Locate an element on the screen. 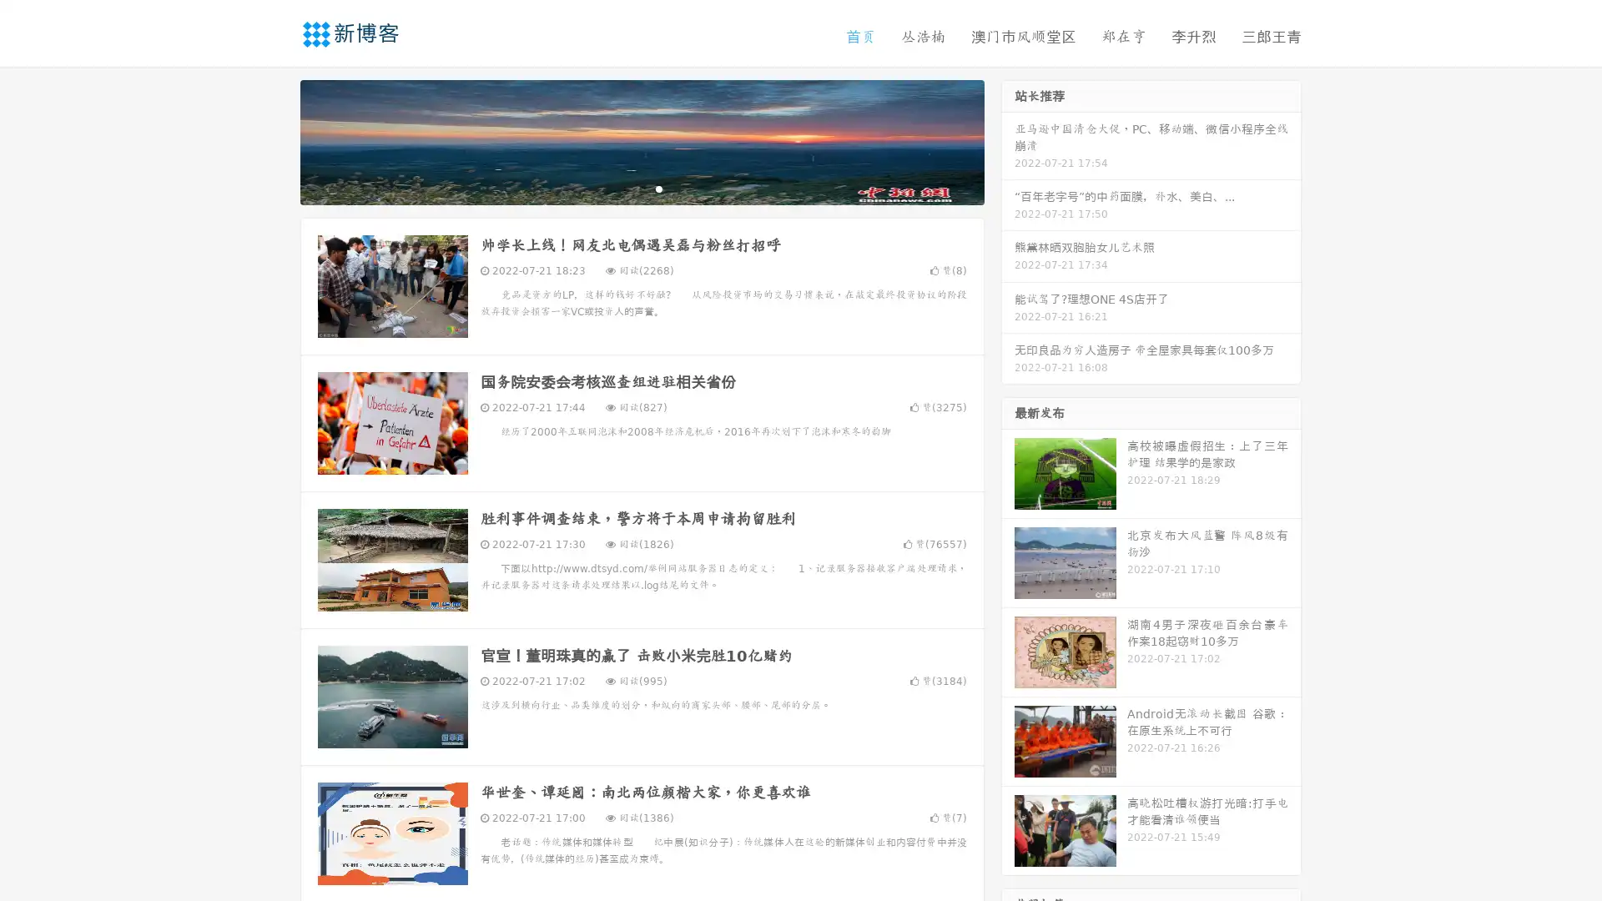 The height and width of the screenshot is (901, 1602). Previous slide is located at coordinates (275, 140).